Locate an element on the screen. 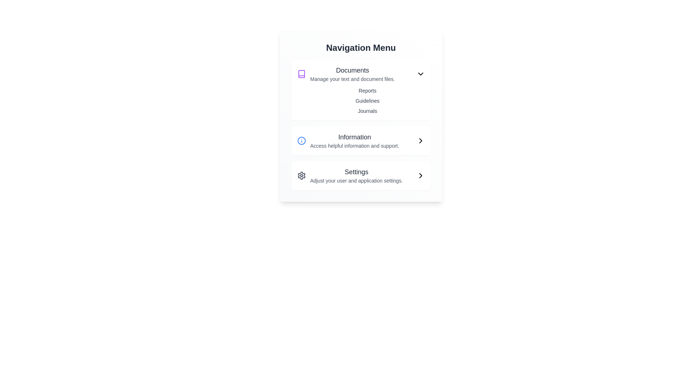 The image size is (697, 392). the 'Documents' icon located in the navigation menu, positioned to the left of the text label 'Documents' is located at coordinates (301, 74).